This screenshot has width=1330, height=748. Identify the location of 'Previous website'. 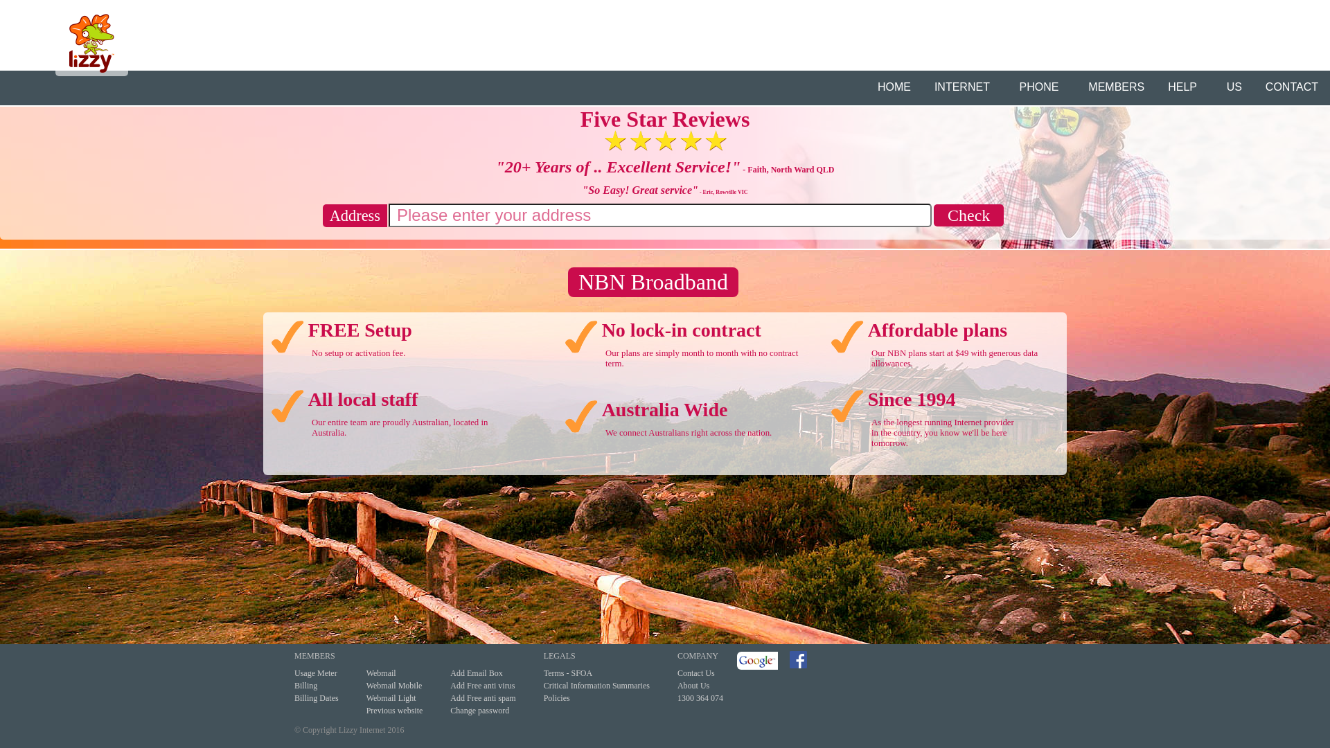
(394, 711).